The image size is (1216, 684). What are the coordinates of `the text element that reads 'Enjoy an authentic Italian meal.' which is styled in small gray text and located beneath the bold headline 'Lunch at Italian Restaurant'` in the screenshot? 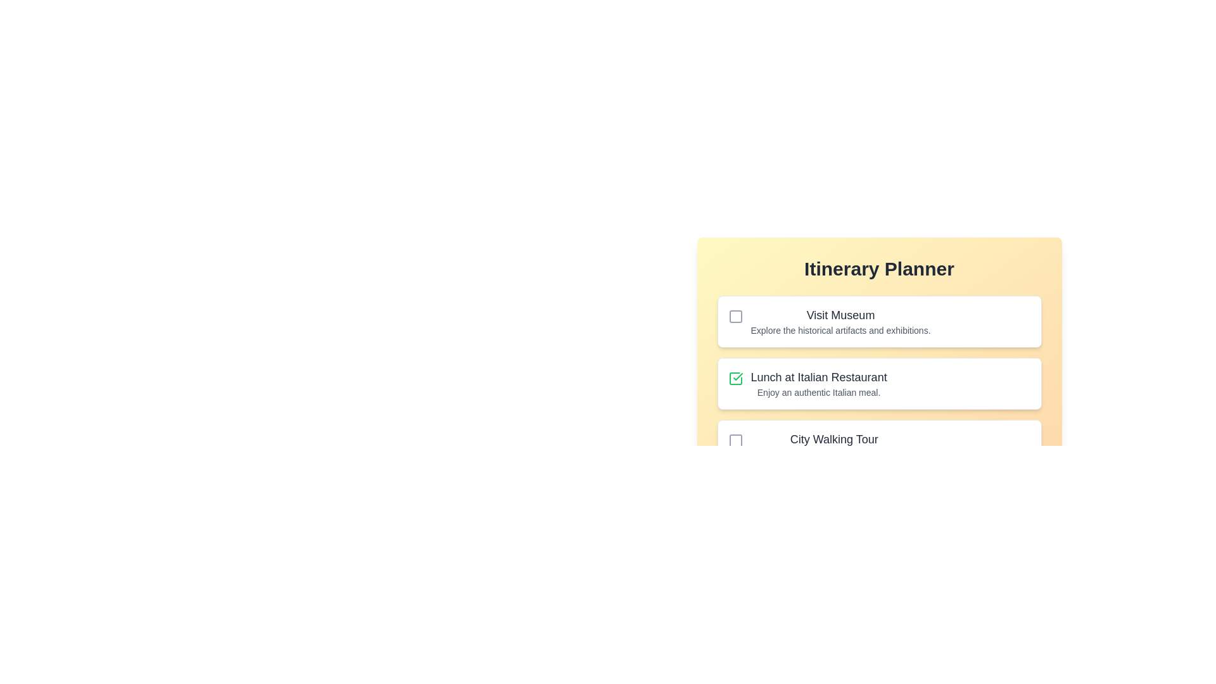 It's located at (819, 392).